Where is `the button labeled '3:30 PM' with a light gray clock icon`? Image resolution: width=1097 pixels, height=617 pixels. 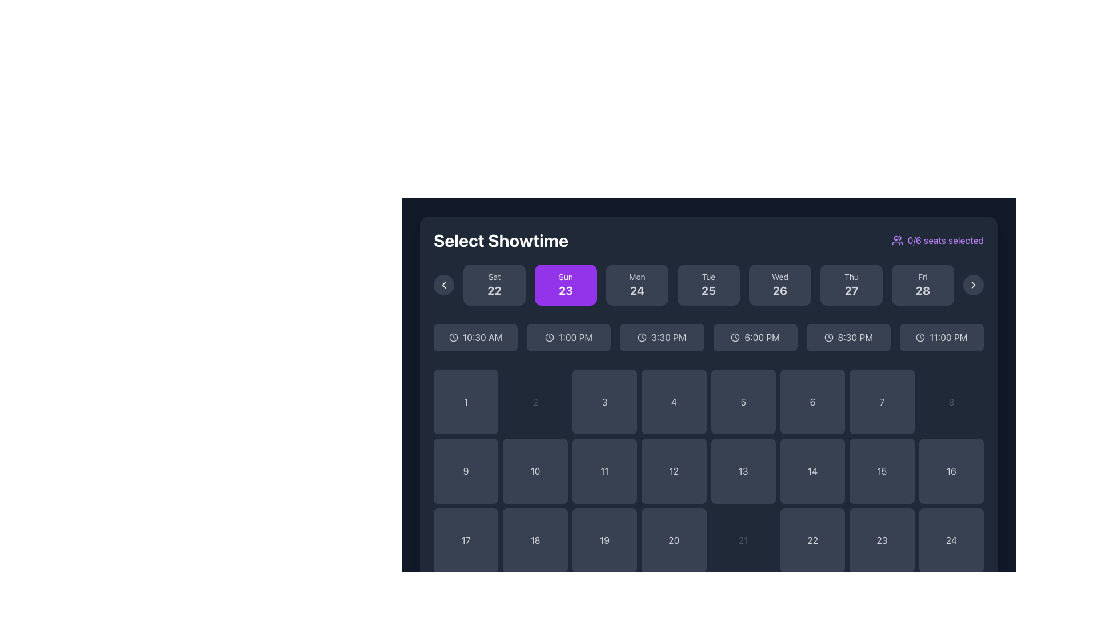
the button labeled '3:30 PM' with a light gray clock icon is located at coordinates (662, 336).